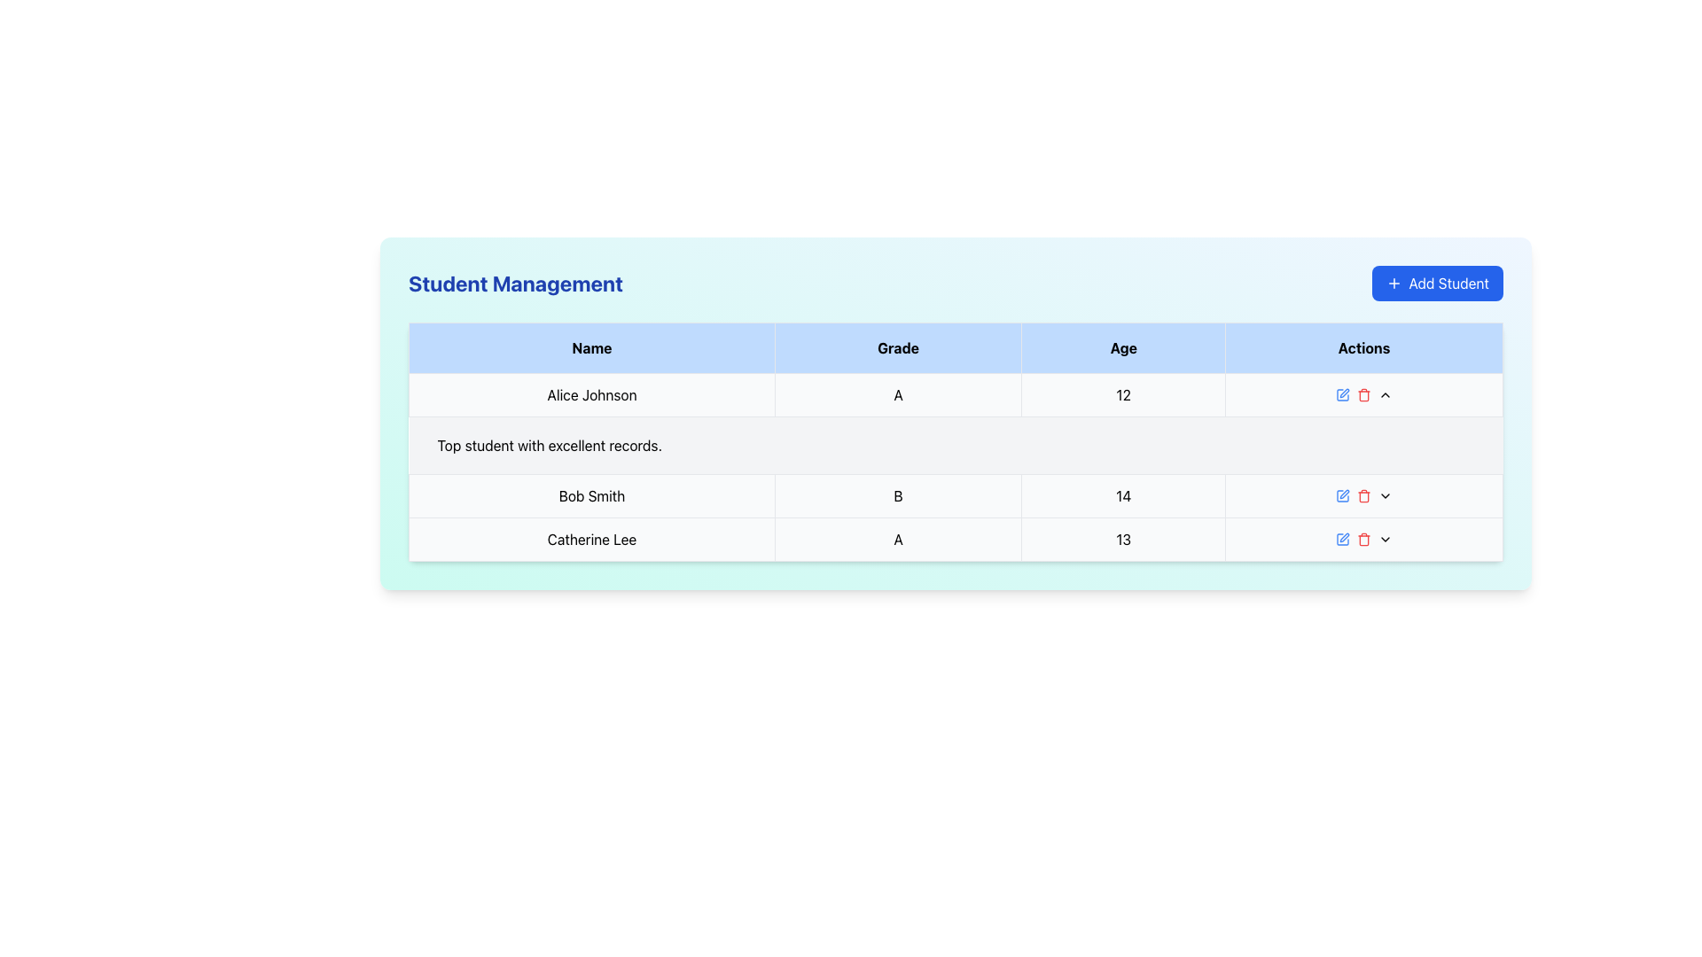 The width and height of the screenshot is (1702, 957). I want to click on the downward-pointing chevron icon in the 'Actions' column of the student management table for 'Catherine Lee', so click(1385, 539).